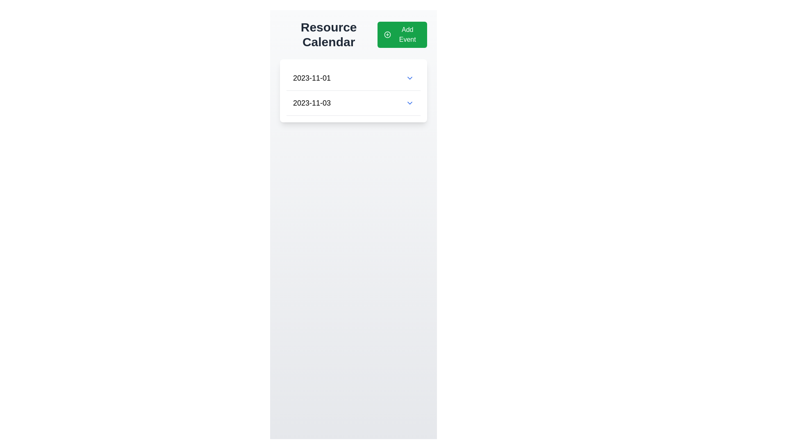 Image resolution: width=787 pixels, height=442 pixels. I want to click on the title text element located in the top-left section of the layout, positioned to the left of the green 'Add Event' button and above the list of date entries, so click(329, 34).